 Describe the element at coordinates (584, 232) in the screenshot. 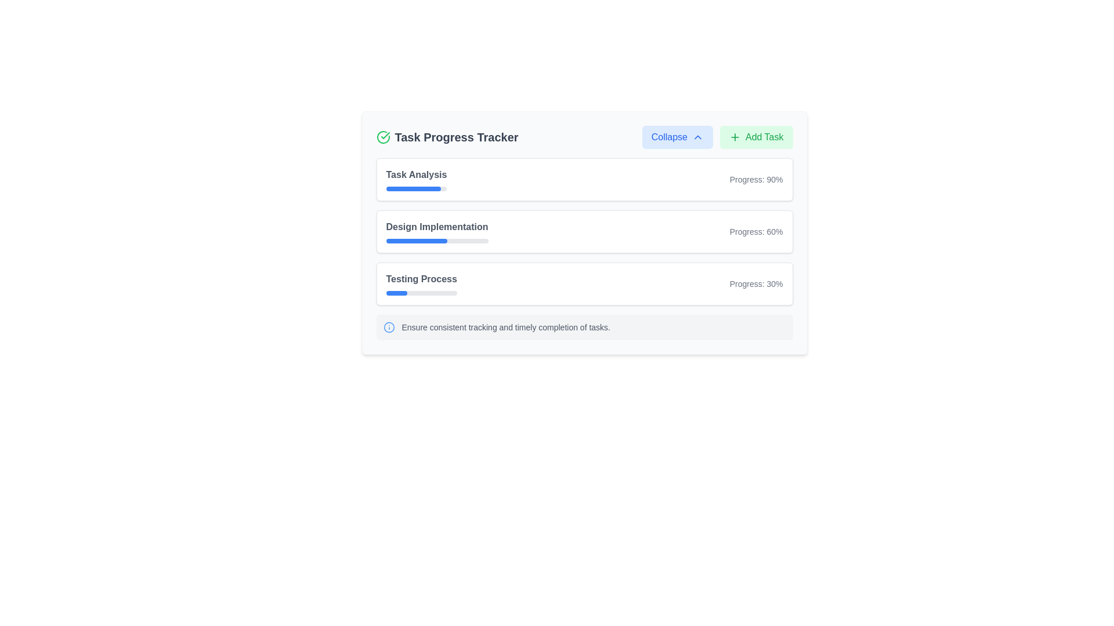

I see `the Card element that displays the progress of the 'Design Implementation' task, which is the second card in a vertical stack of task progress cards` at that location.